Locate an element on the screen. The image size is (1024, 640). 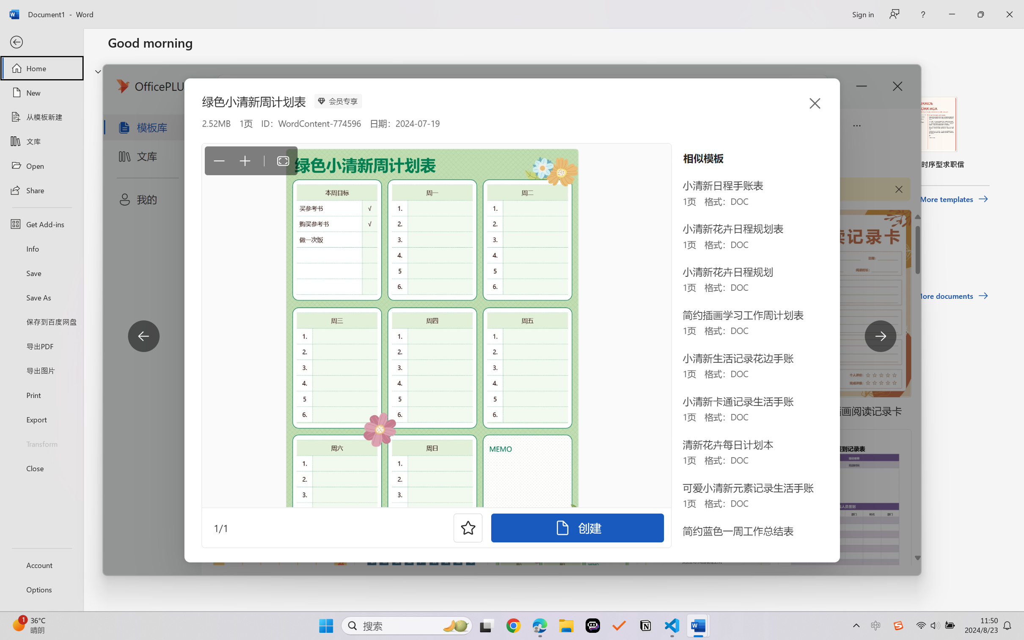
'Hide or show region' is located at coordinates (98, 71).